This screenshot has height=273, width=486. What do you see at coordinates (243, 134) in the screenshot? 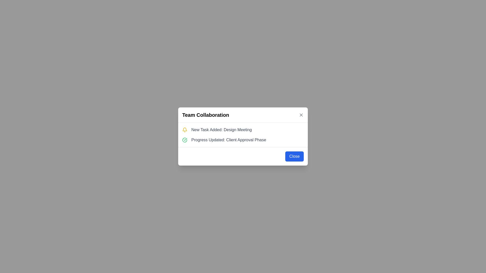
I see `the notification icons in the modal dialog box titled 'Team Collaboration'` at bounding box center [243, 134].